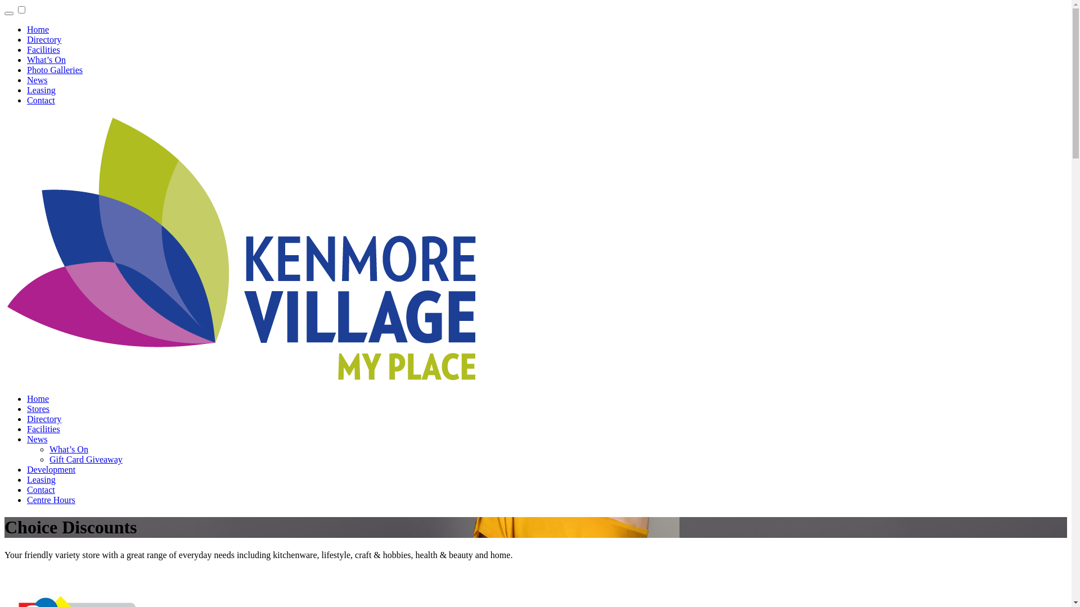 The height and width of the screenshot is (607, 1080). I want to click on 'Leasing', so click(41, 479).